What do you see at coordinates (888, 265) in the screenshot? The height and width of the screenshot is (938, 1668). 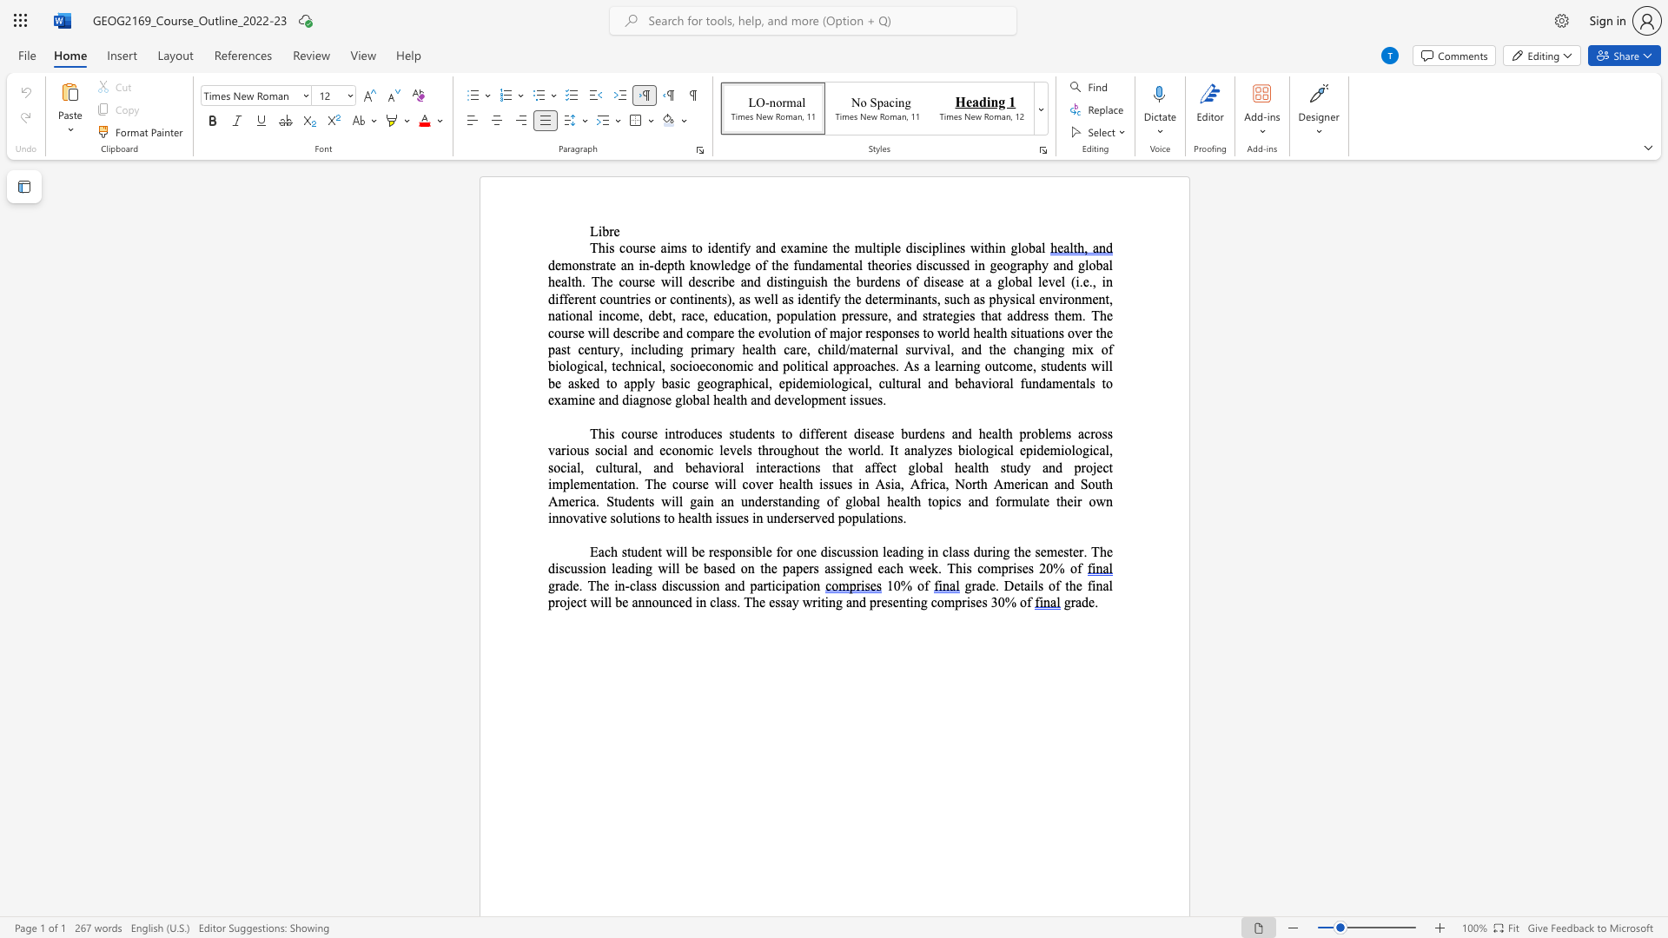 I see `the 4th character "o" in the text` at bounding box center [888, 265].